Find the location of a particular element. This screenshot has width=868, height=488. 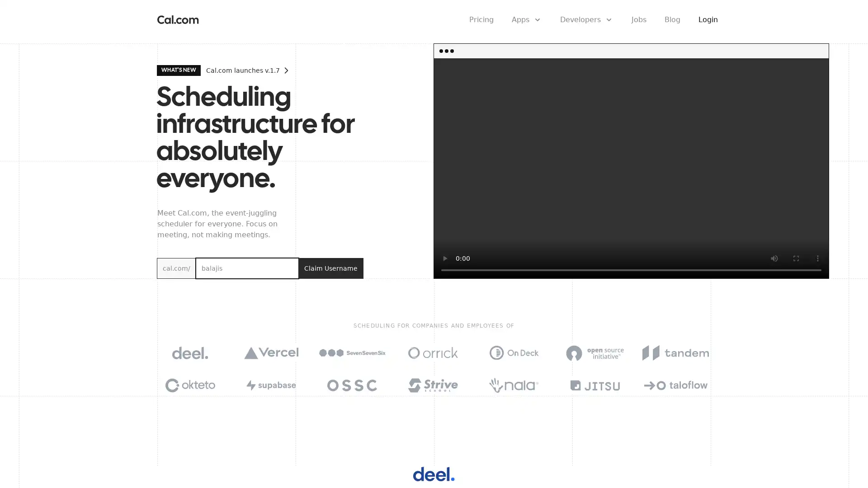

Claim Username is located at coordinates (330, 268).